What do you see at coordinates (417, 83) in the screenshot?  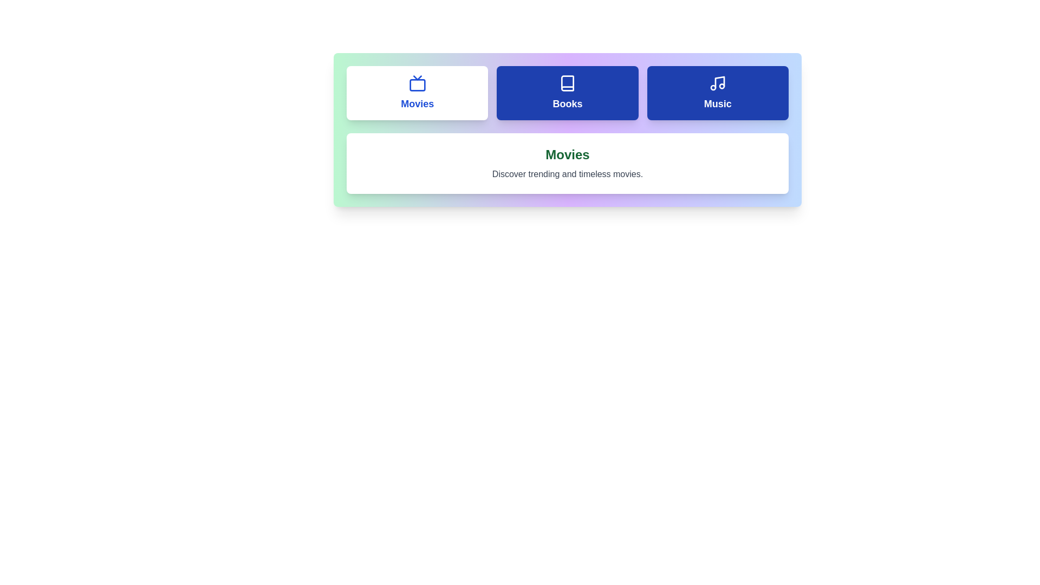 I see `the 'Movies' icon located above the 'Movies' text label` at bounding box center [417, 83].